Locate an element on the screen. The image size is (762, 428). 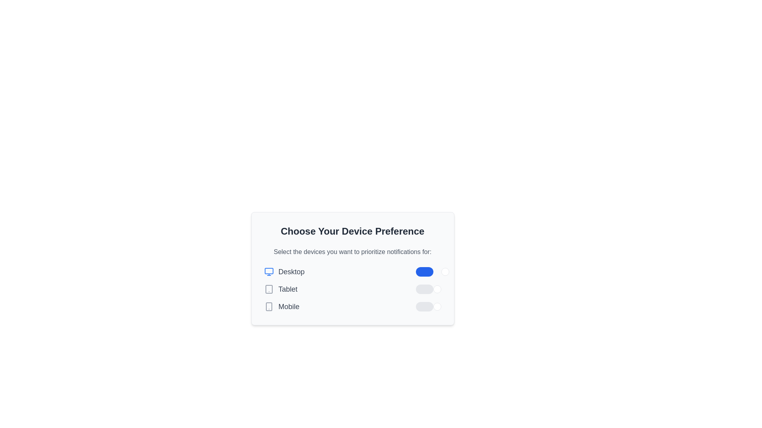
the 'Mobile' label, which is the last item in the list under 'Choose Your Device Preference', displayed in a large-sized gray font is located at coordinates (289, 306).